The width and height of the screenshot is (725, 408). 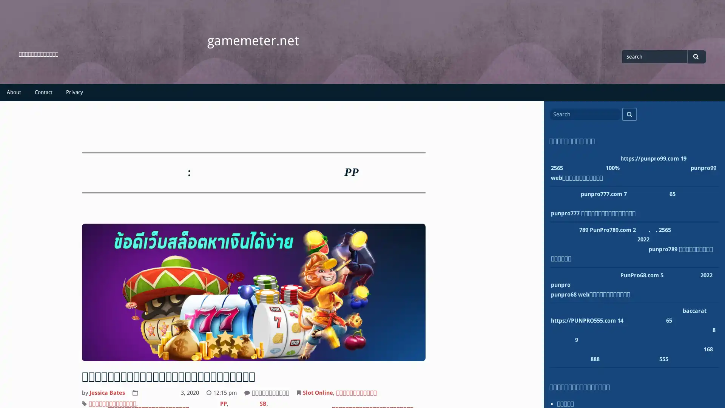 What do you see at coordinates (696, 56) in the screenshot?
I see `Search` at bounding box center [696, 56].